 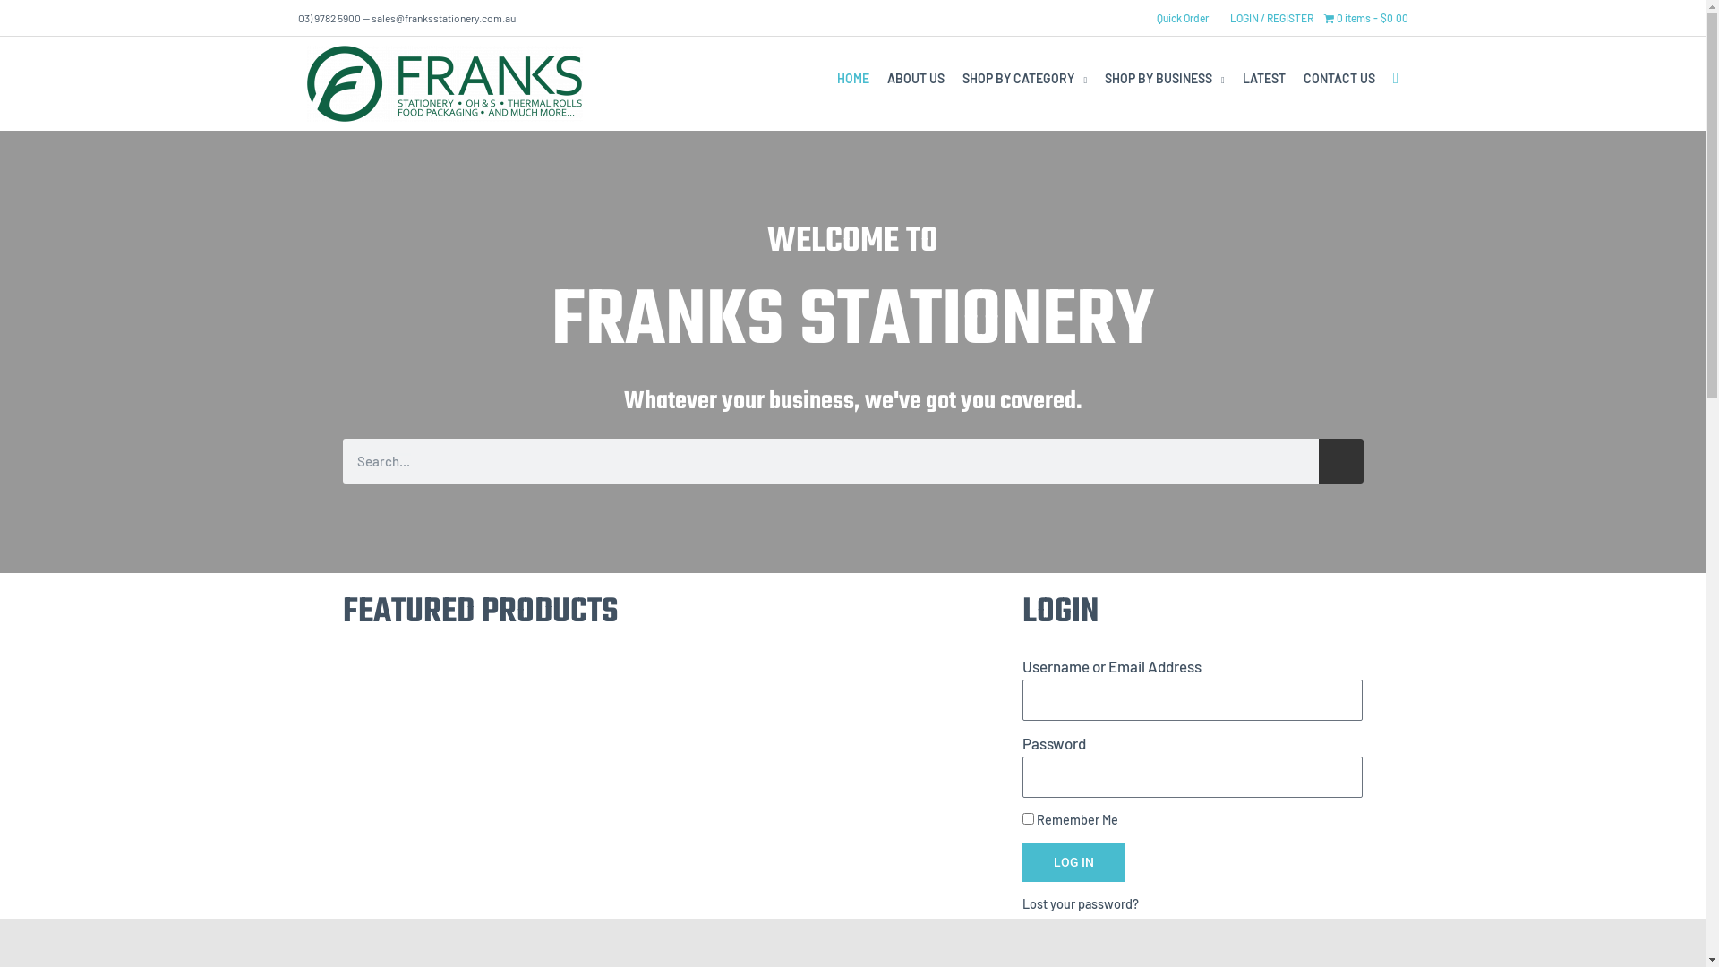 What do you see at coordinates (1024, 78) in the screenshot?
I see `'SHOP BY CATEGORY'` at bounding box center [1024, 78].